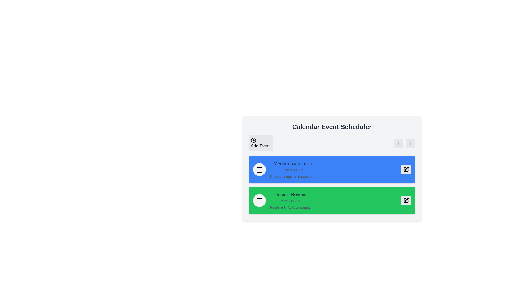 Image resolution: width=512 pixels, height=288 pixels. I want to click on the title text label for the first event in the Calendar Event Scheduler, so click(293, 163).